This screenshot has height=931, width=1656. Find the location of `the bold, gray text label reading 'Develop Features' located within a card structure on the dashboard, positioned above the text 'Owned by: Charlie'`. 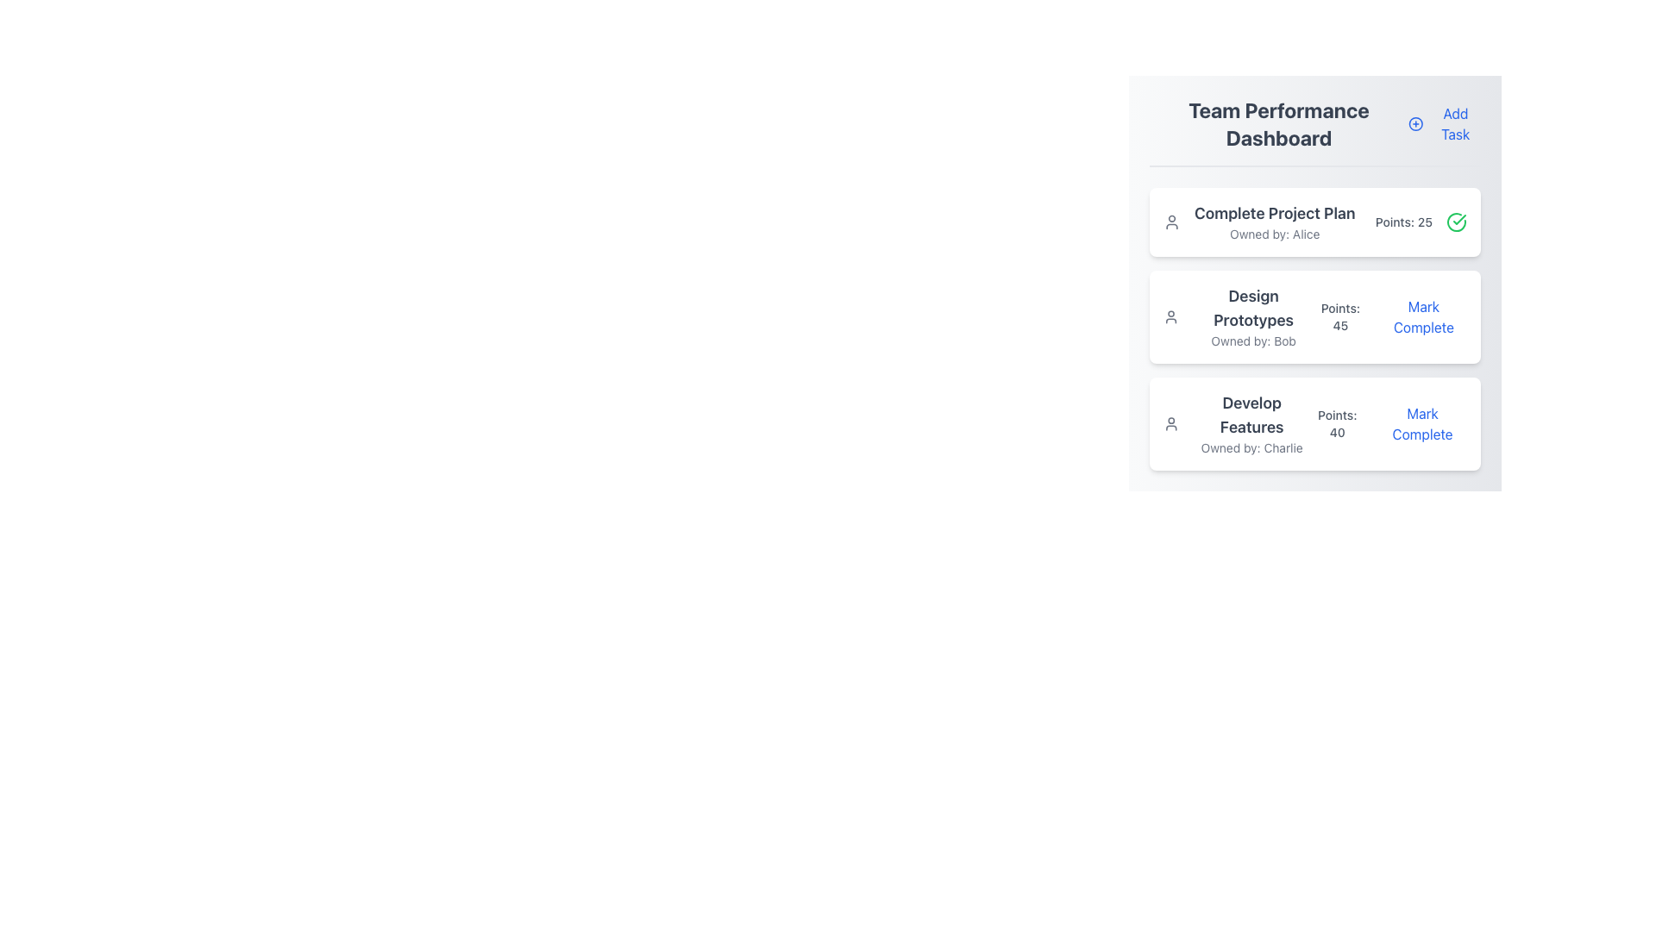

the bold, gray text label reading 'Develop Features' located within a card structure on the dashboard, positioned above the text 'Owned by: Charlie' is located at coordinates (1251, 416).